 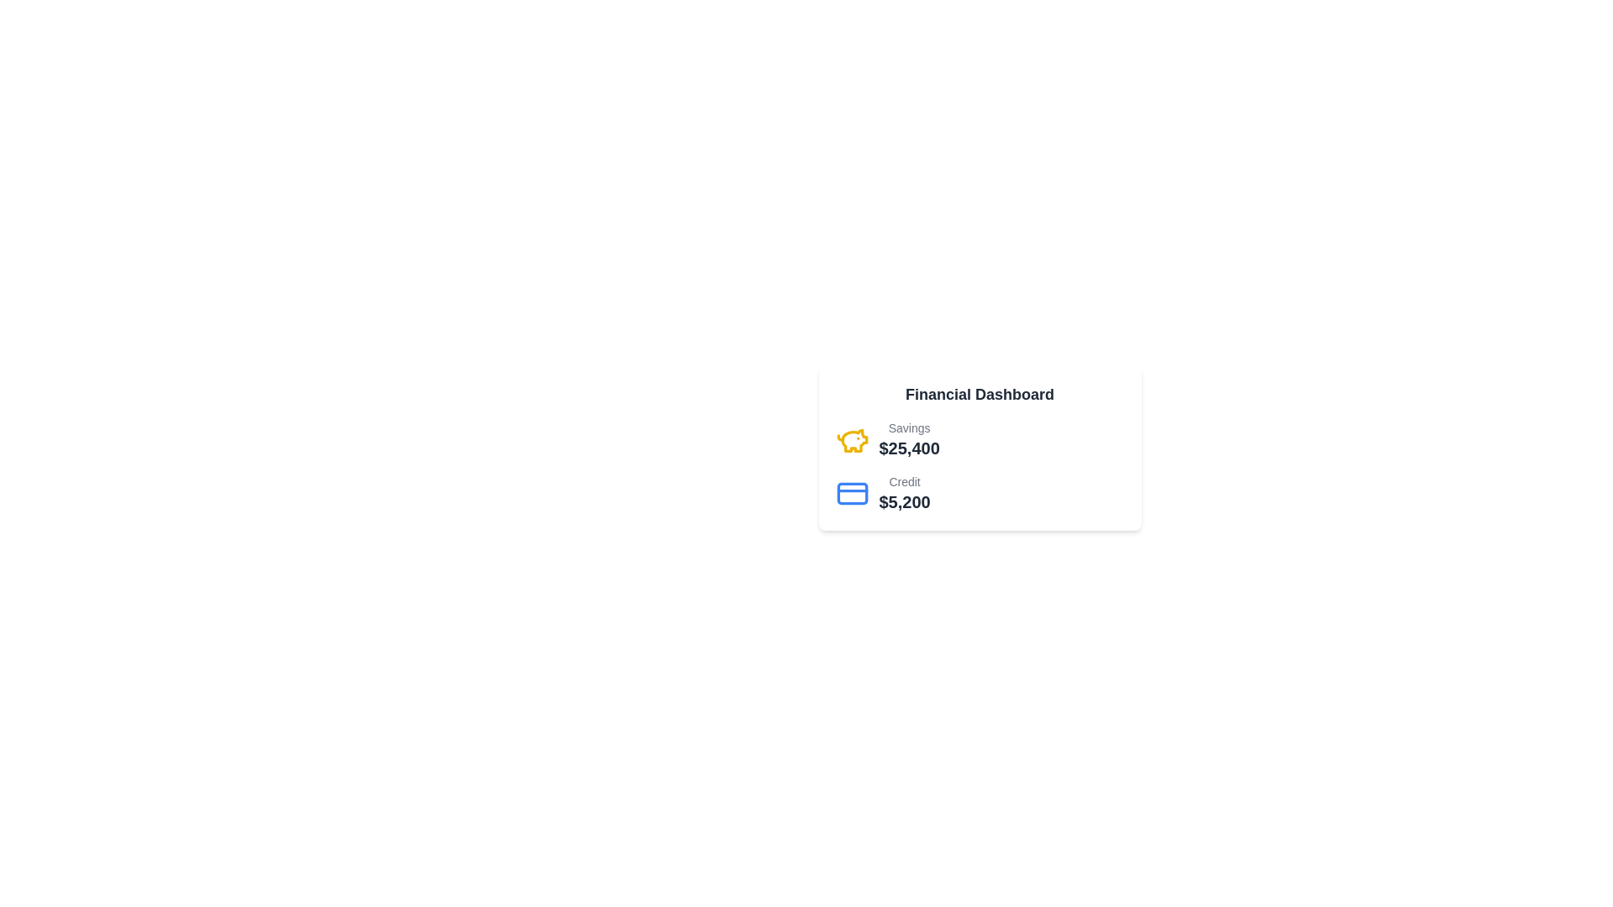 I want to click on the text label displaying 'Credit', which is styled in a small font size and light gray color, located to the right of a credit card icon and above the numeric text '$5,200', so click(x=904, y=482).